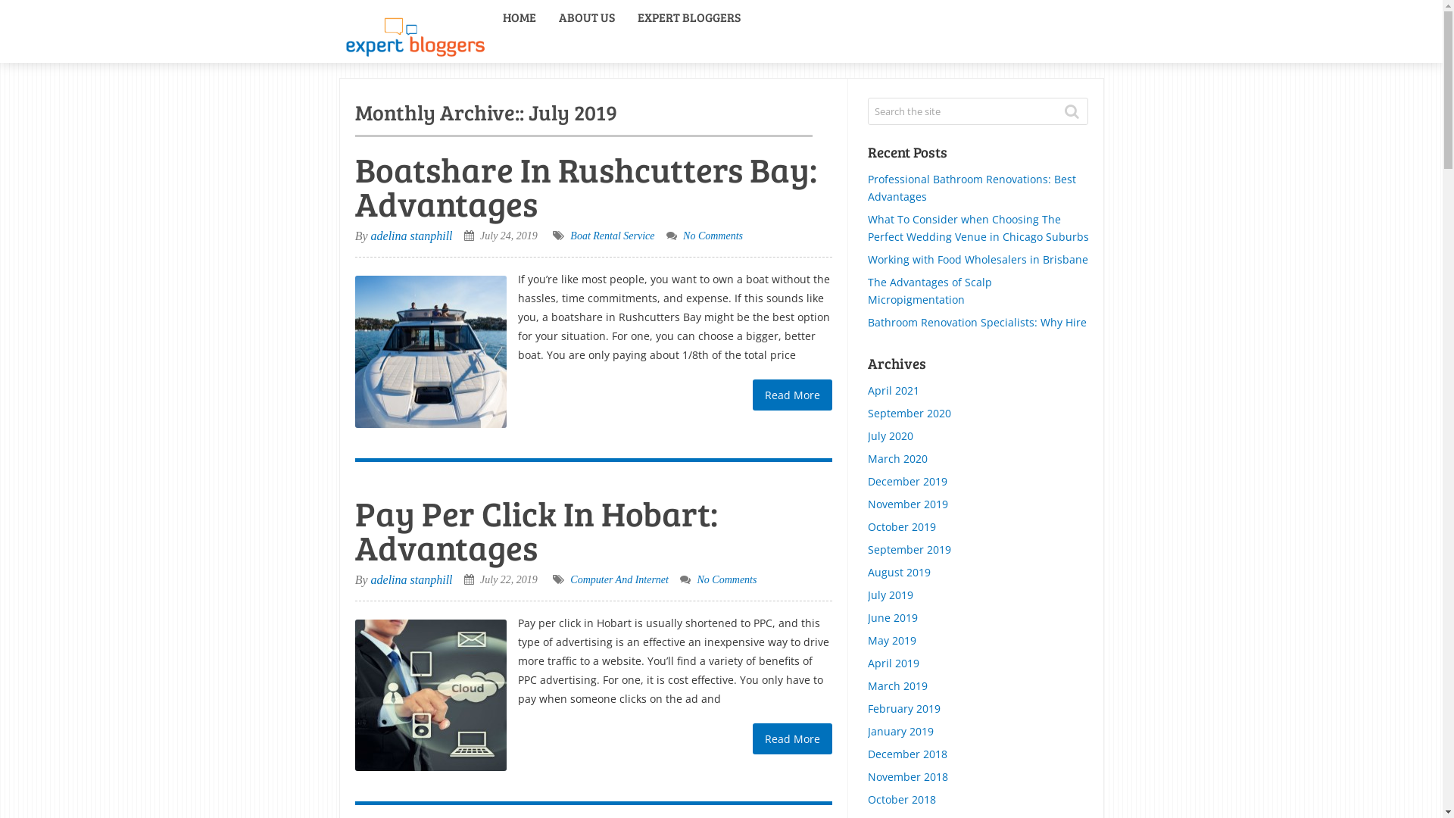 The height and width of the screenshot is (818, 1454). What do you see at coordinates (868, 730) in the screenshot?
I see `'January 2019'` at bounding box center [868, 730].